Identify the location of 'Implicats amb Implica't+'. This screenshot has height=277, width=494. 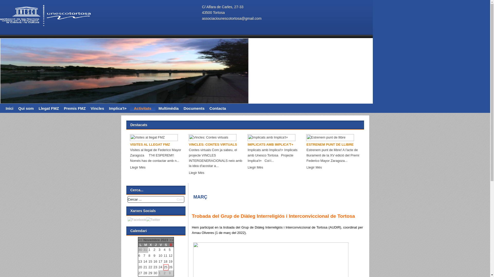
(271, 137).